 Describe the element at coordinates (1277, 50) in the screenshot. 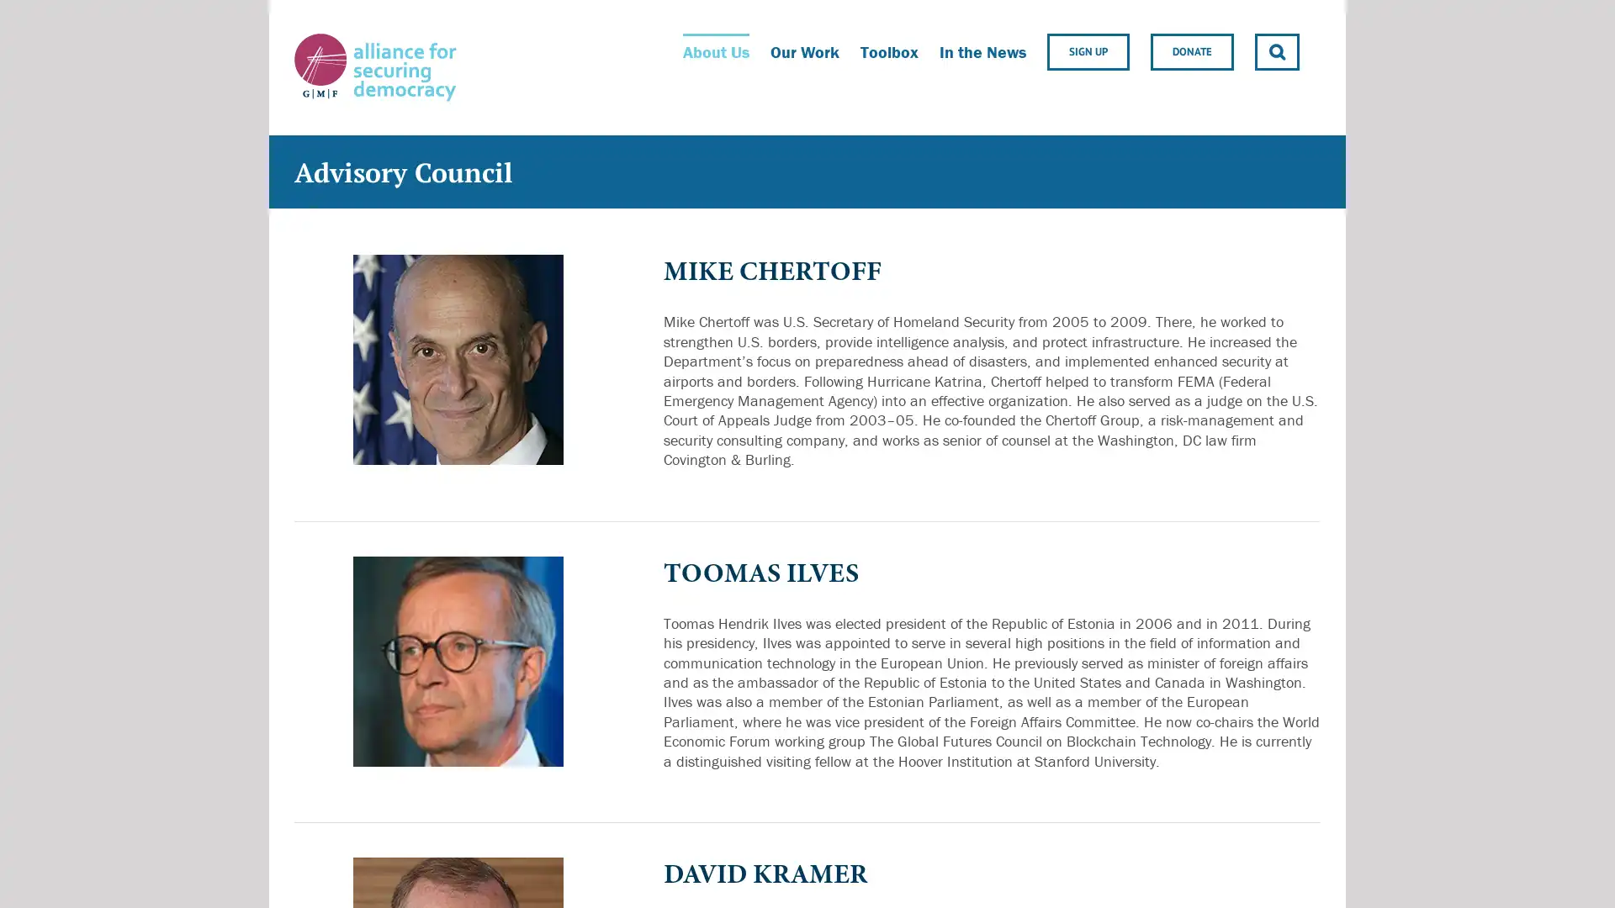

I see `Search` at that location.